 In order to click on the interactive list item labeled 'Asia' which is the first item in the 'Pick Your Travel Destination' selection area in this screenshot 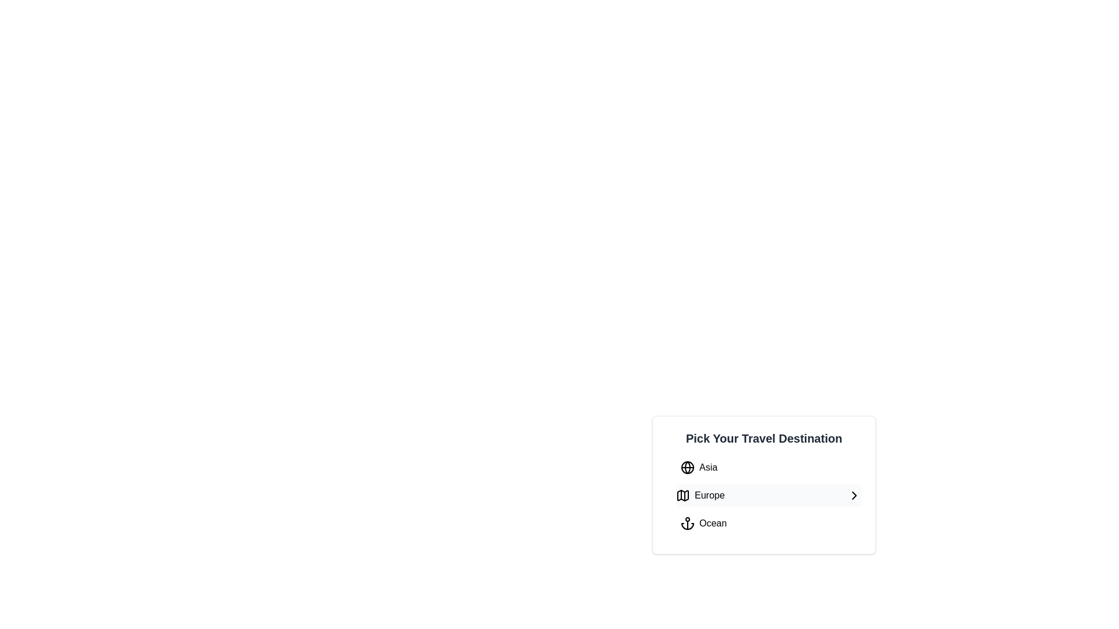, I will do `click(699, 467)`.